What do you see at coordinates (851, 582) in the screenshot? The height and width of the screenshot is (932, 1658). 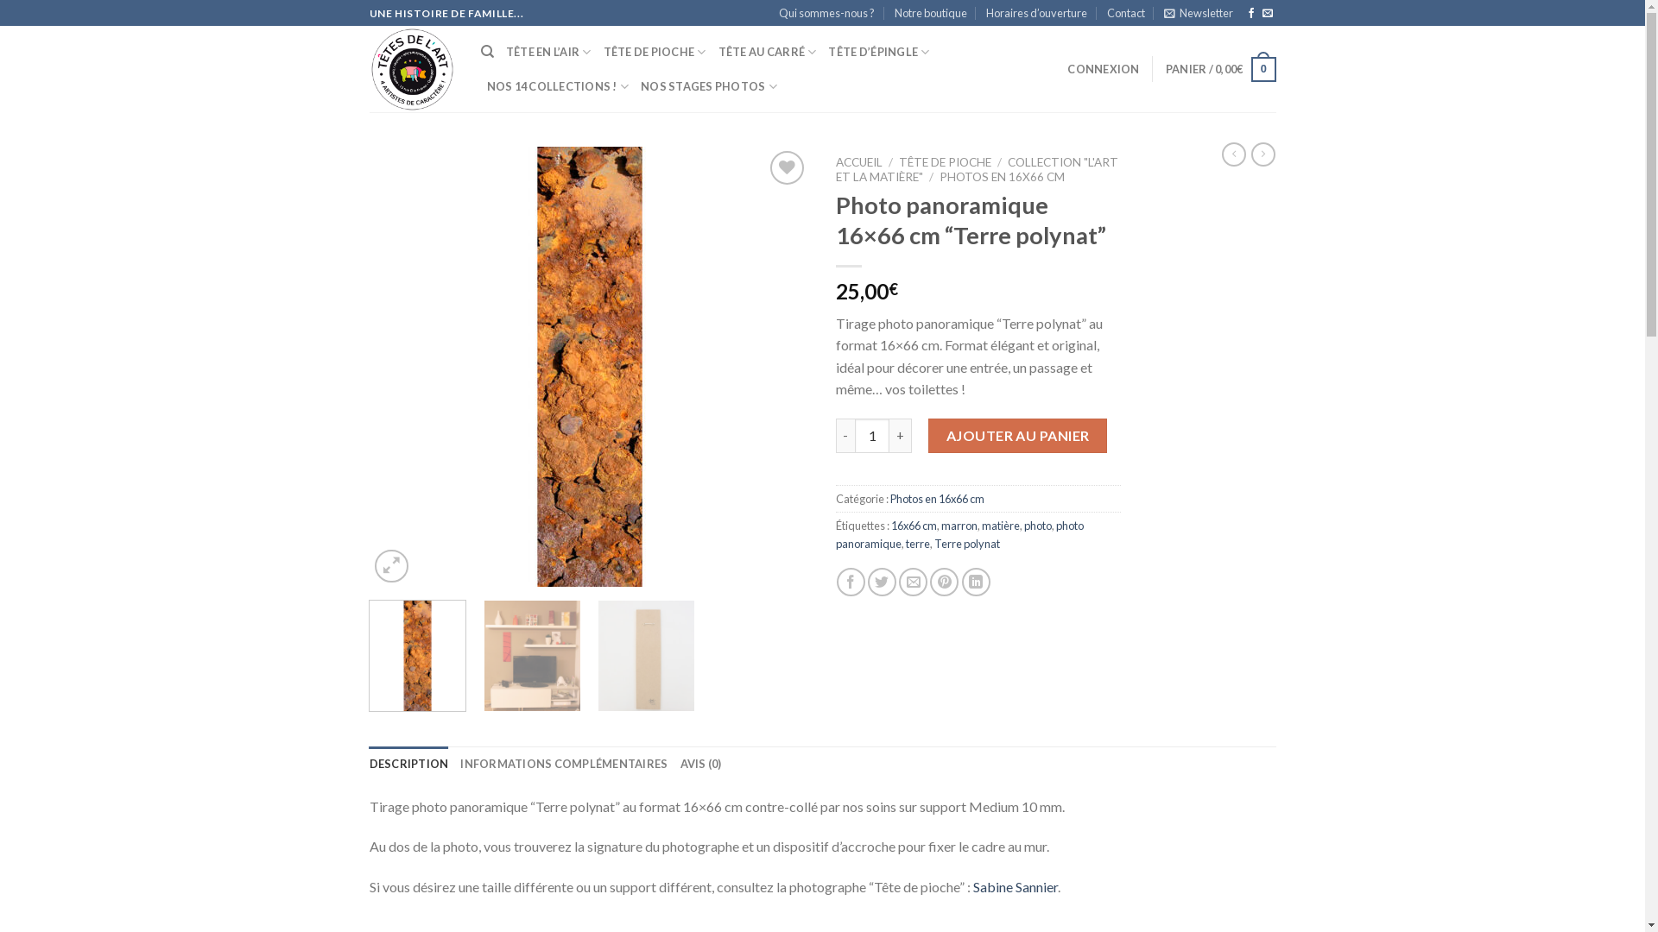 I see `'Partager sur Facebook'` at bounding box center [851, 582].